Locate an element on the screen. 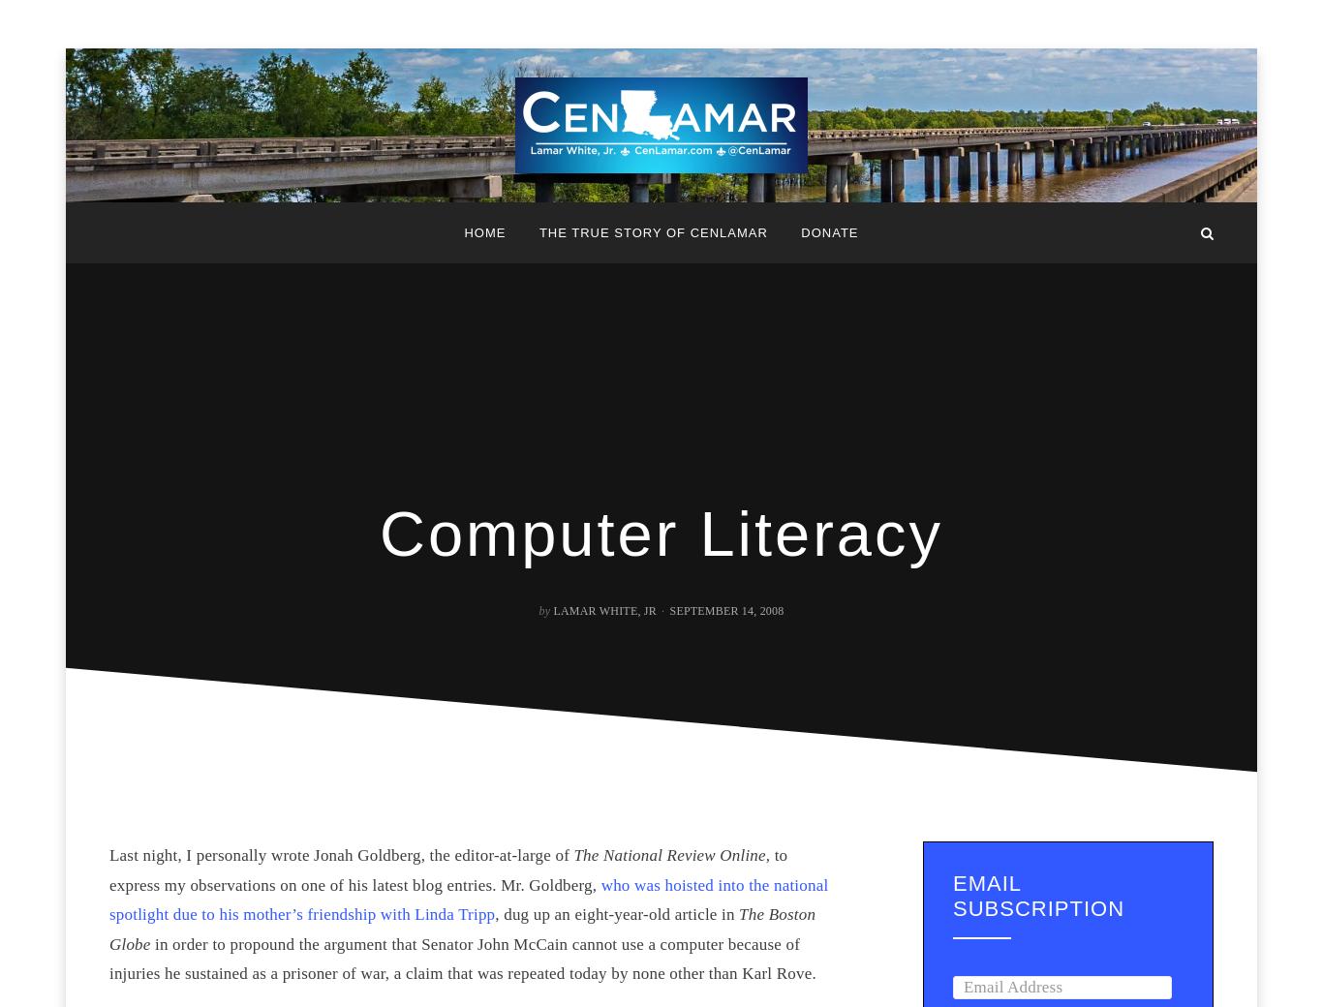 This screenshot has height=1007, width=1323. ', dug up an eight-year-old article in' is located at coordinates (615, 914).